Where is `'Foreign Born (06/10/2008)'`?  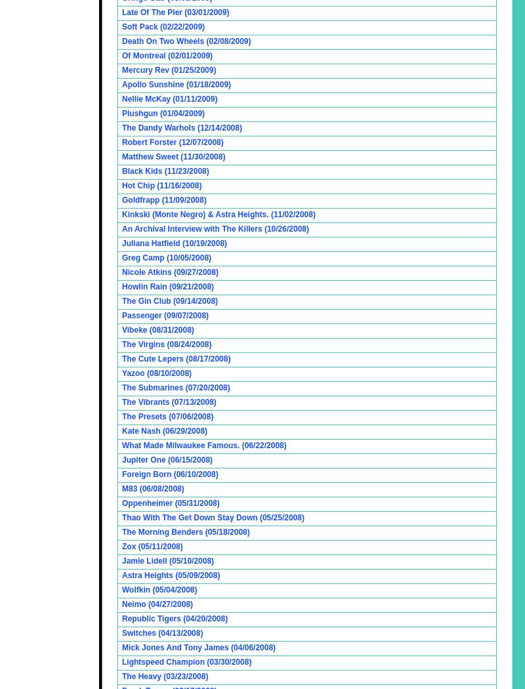 'Foreign Born (06/10/2008)' is located at coordinates (121, 474).